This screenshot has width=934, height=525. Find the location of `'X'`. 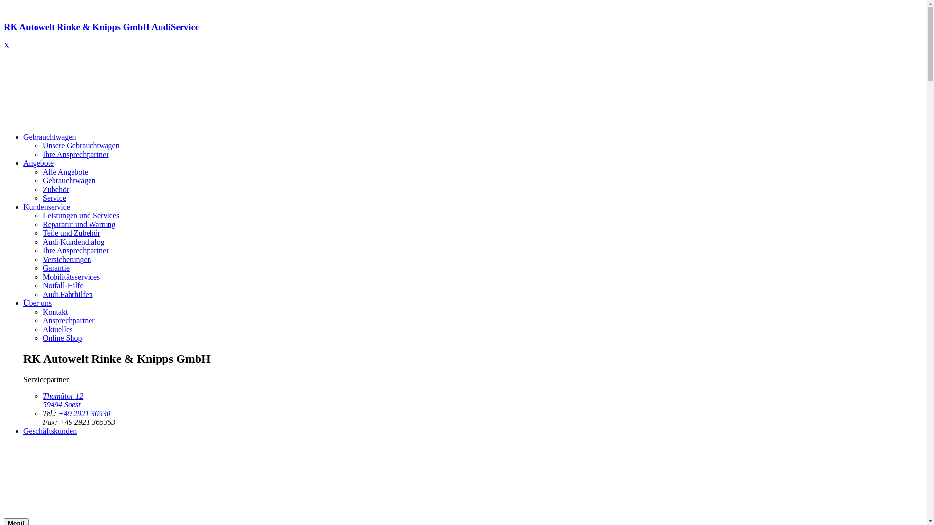

'X' is located at coordinates (7, 45).